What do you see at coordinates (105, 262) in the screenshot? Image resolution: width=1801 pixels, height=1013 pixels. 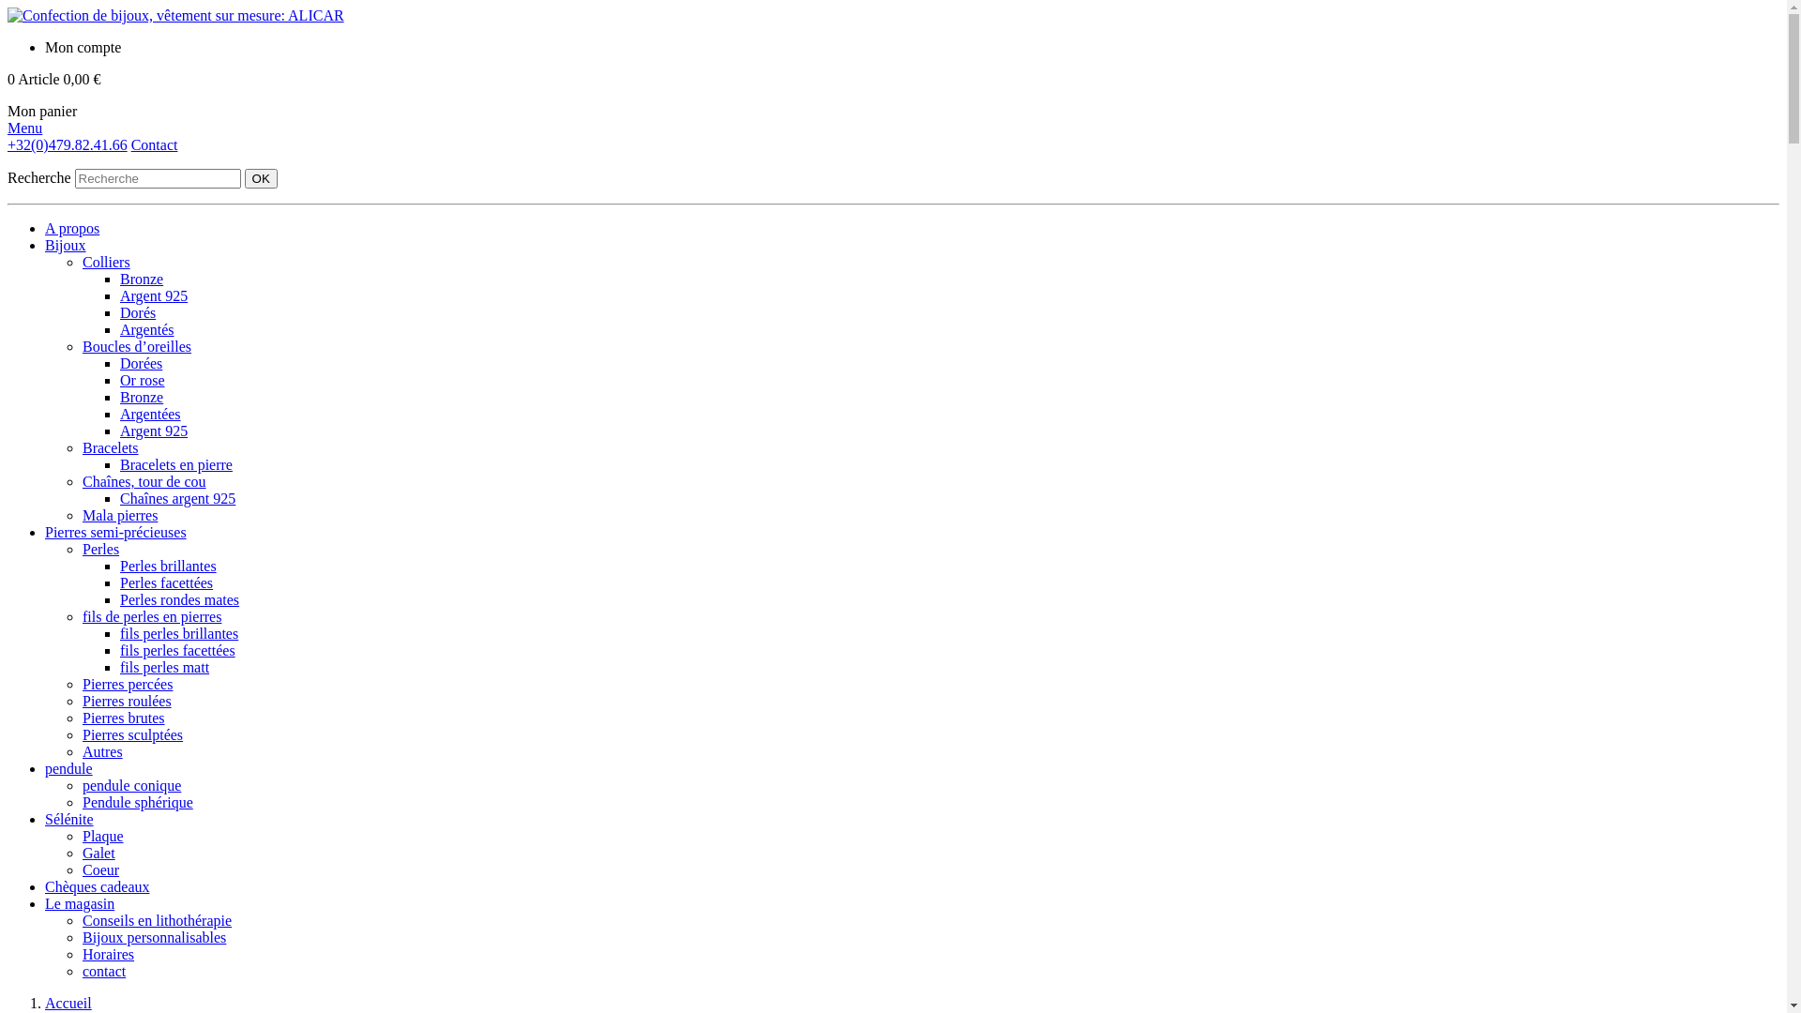 I see `'Colliers'` at bounding box center [105, 262].